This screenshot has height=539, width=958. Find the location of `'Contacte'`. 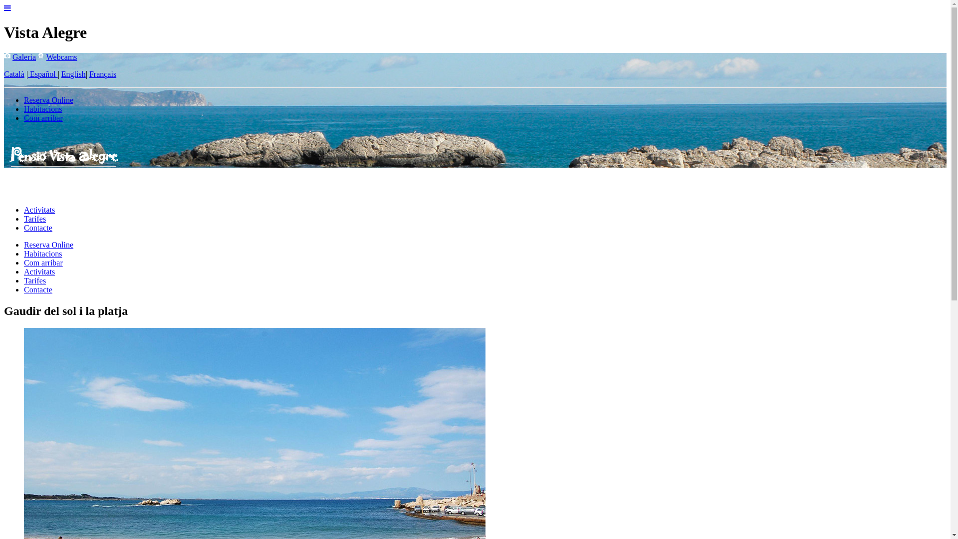

'Contacte' is located at coordinates (38, 228).